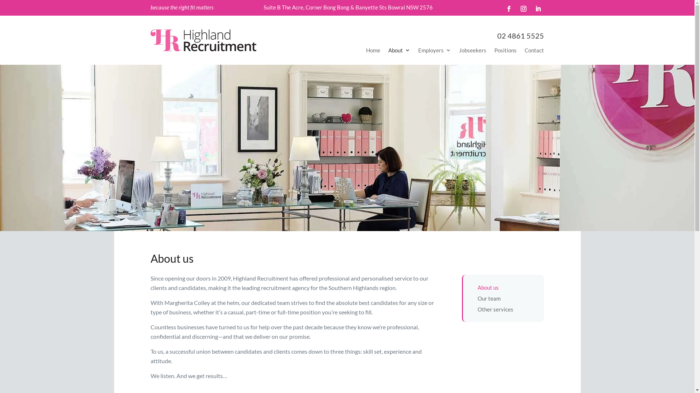 The width and height of the screenshot is (700, 393). Describe the element at coordinates (489, 300) in the screenshot. I see `'Our team'` at that location.